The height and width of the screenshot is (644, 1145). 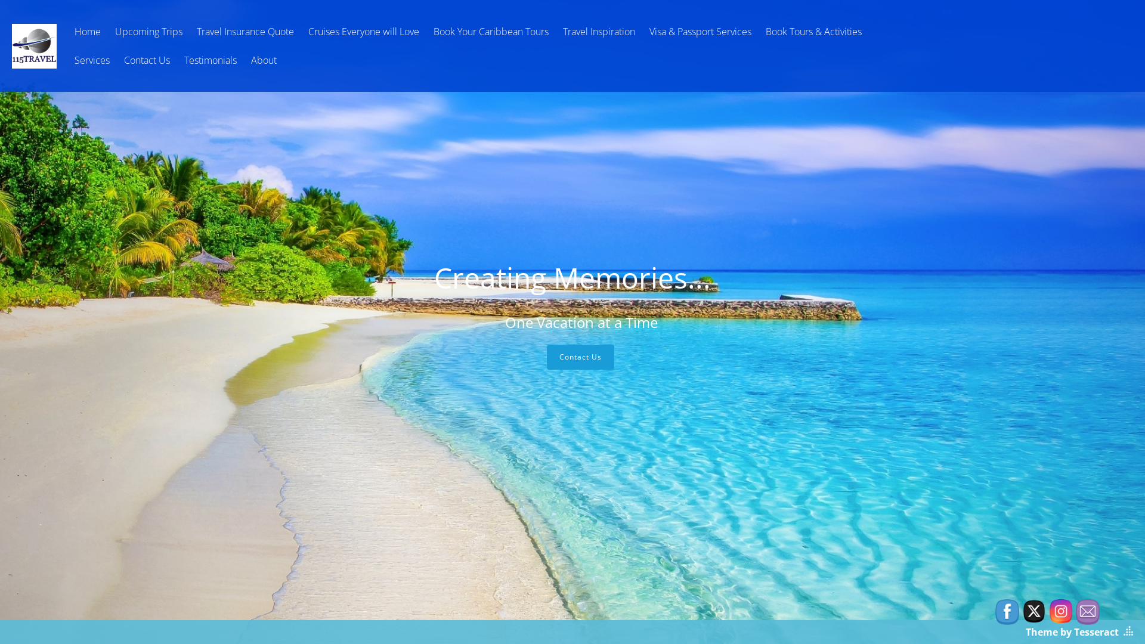 What do you see at coordinates (263, 60) in the screenshot?
I see `'About'` at bounding box center [263, 60].